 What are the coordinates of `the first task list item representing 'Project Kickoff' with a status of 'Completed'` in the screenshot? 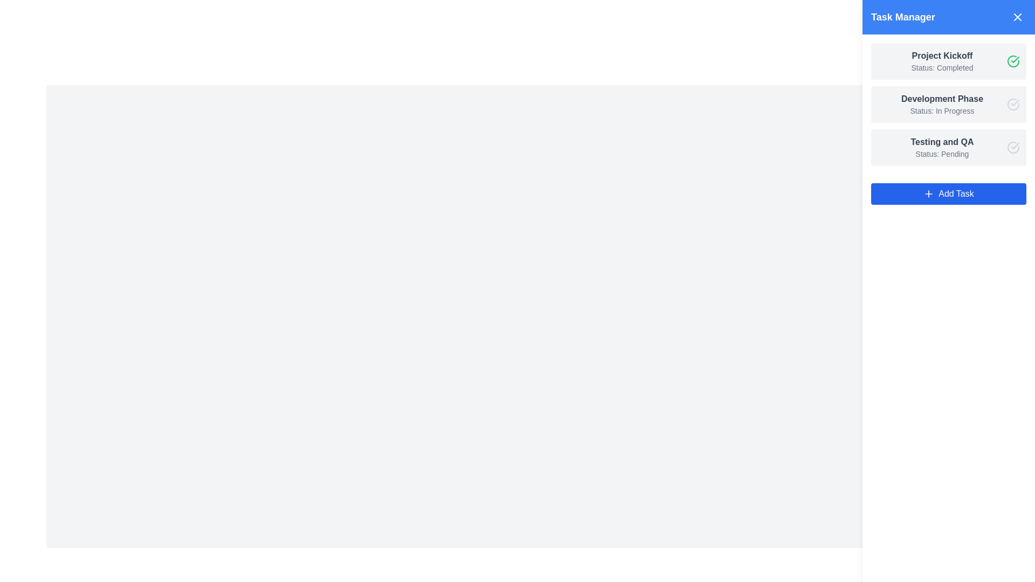 It's located at (949, 61).